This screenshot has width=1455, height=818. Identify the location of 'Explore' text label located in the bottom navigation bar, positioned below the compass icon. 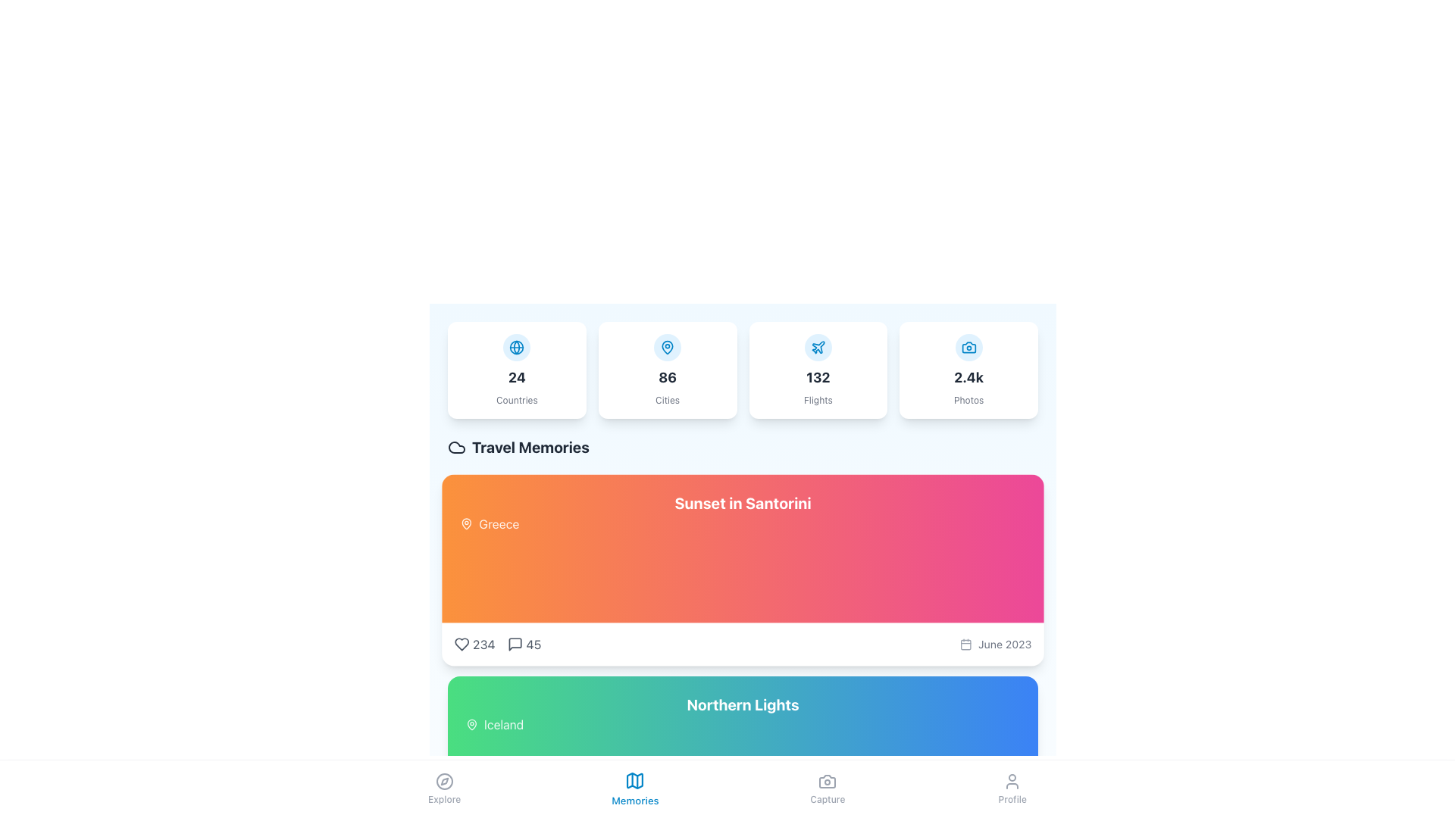
(443, 799).